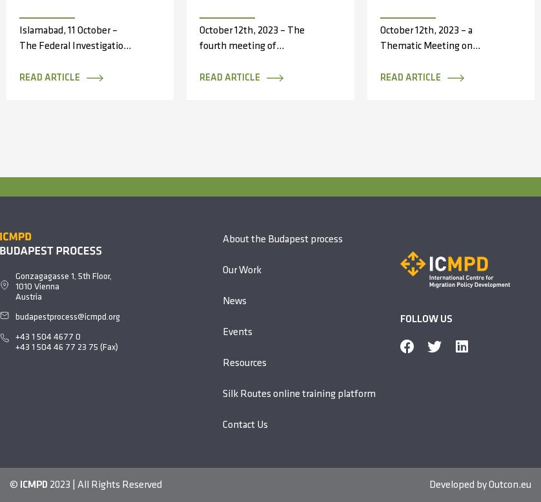 The height and width of the screenshot is (502, 541). I want to click on 'October 12th, 2023 – a Thematic Meeting on Integrated Border Management (IBM), with a focus on the Silk Routes (SR)...', so click(436, 68).